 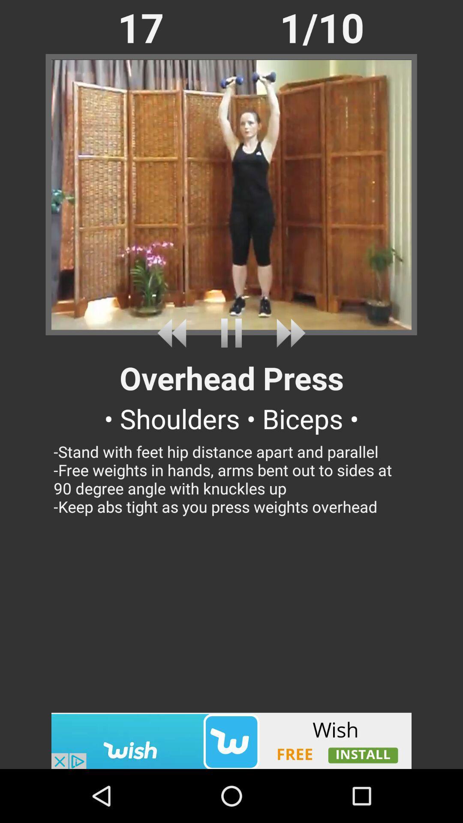 I want to click on rewind video, so click(x=174, y=333).